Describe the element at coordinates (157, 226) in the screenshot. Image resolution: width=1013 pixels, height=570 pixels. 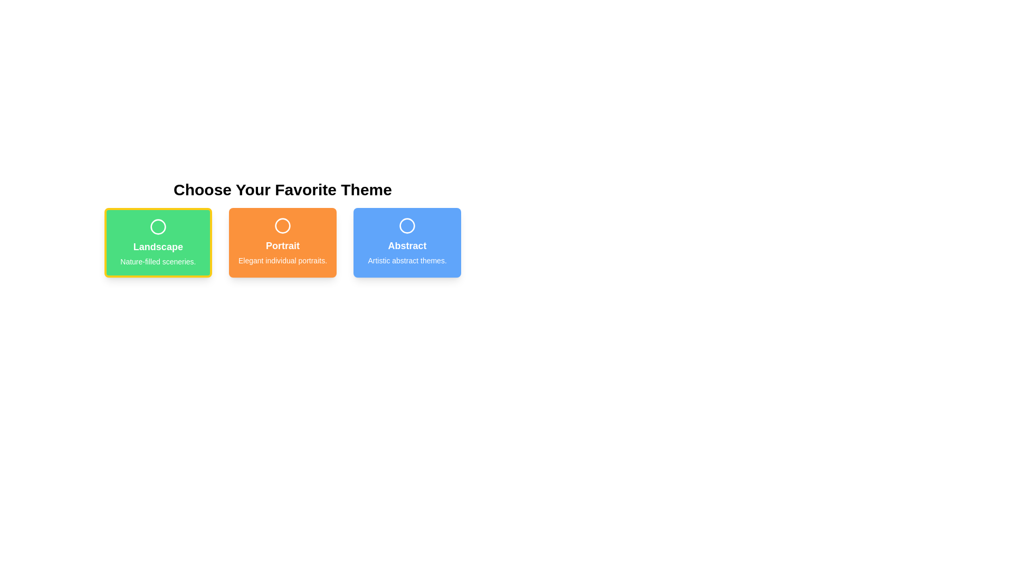
I see `the circular icon that signifies selection or association with the 'Landscape' option, located within the card labeled 'Landscape' on the leftmost side among a set of three horizontally aligned cards` at that location.